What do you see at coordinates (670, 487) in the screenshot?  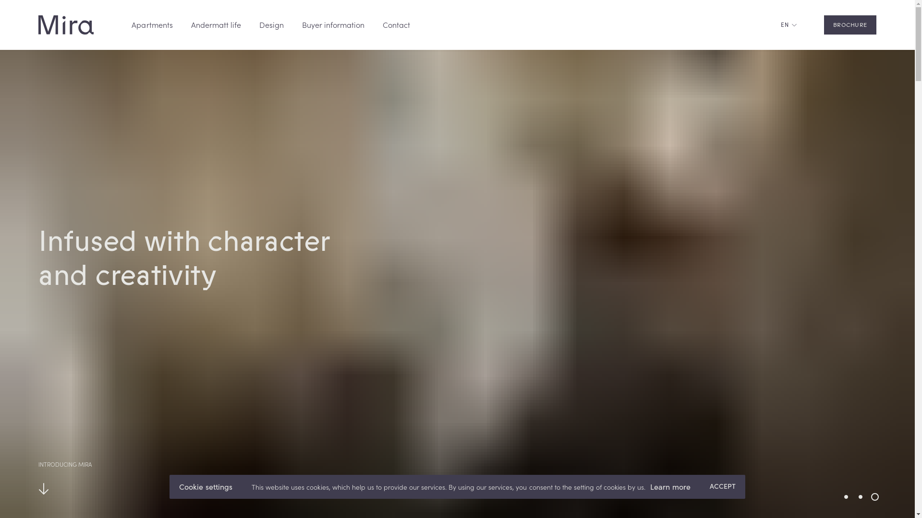 I see `'Learn more'` at bounding box center [670, 487].